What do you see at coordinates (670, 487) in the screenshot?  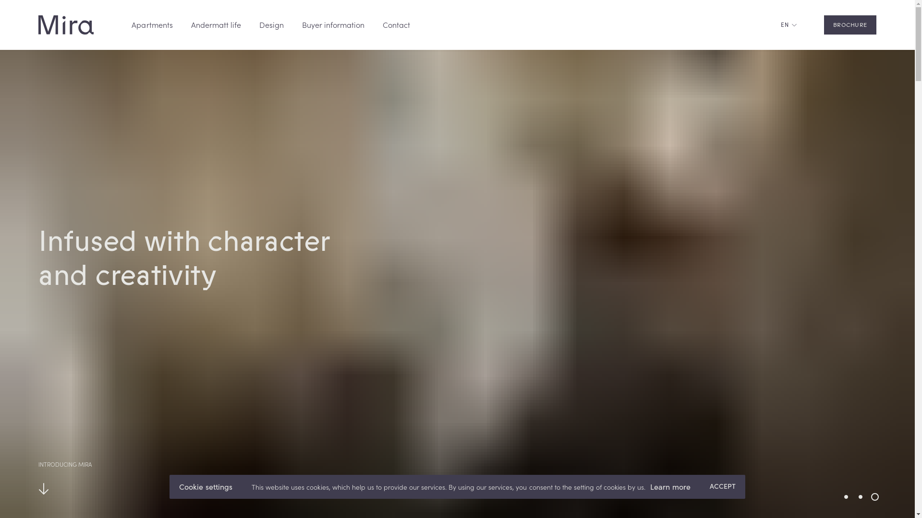 I see `'Learn more'` at bounding box center [670, 487].